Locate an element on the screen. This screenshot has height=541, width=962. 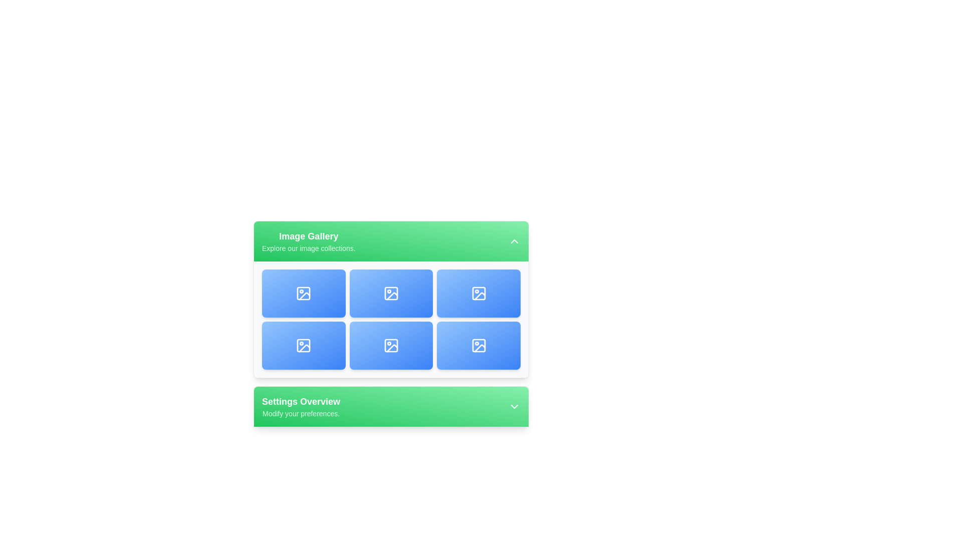
the downward-pointing chevron icon located at the far-right side of the 'Settings Overview' section is located at coordinates (515, 407).